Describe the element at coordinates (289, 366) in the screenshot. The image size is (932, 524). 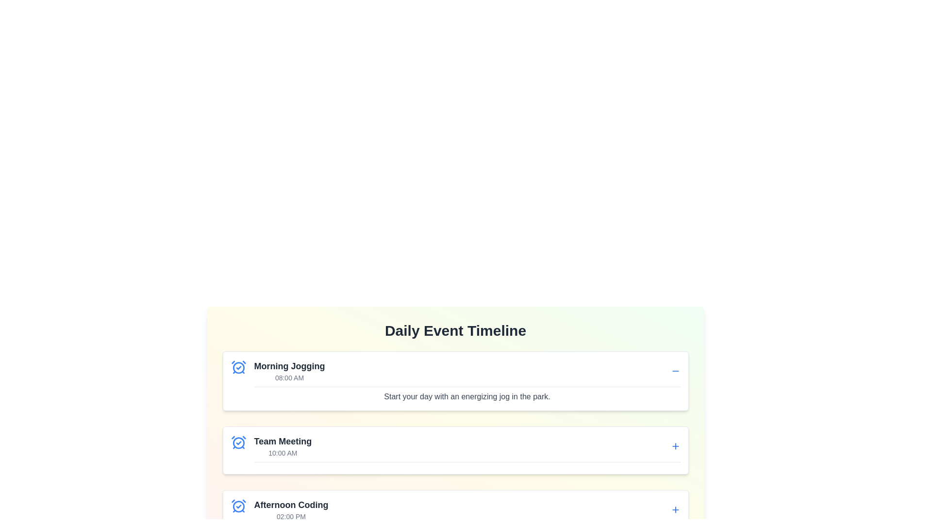
I see `the text label displaying 'Morning Jogging' which is styled in bold dark gray within an event card layout` at that location.